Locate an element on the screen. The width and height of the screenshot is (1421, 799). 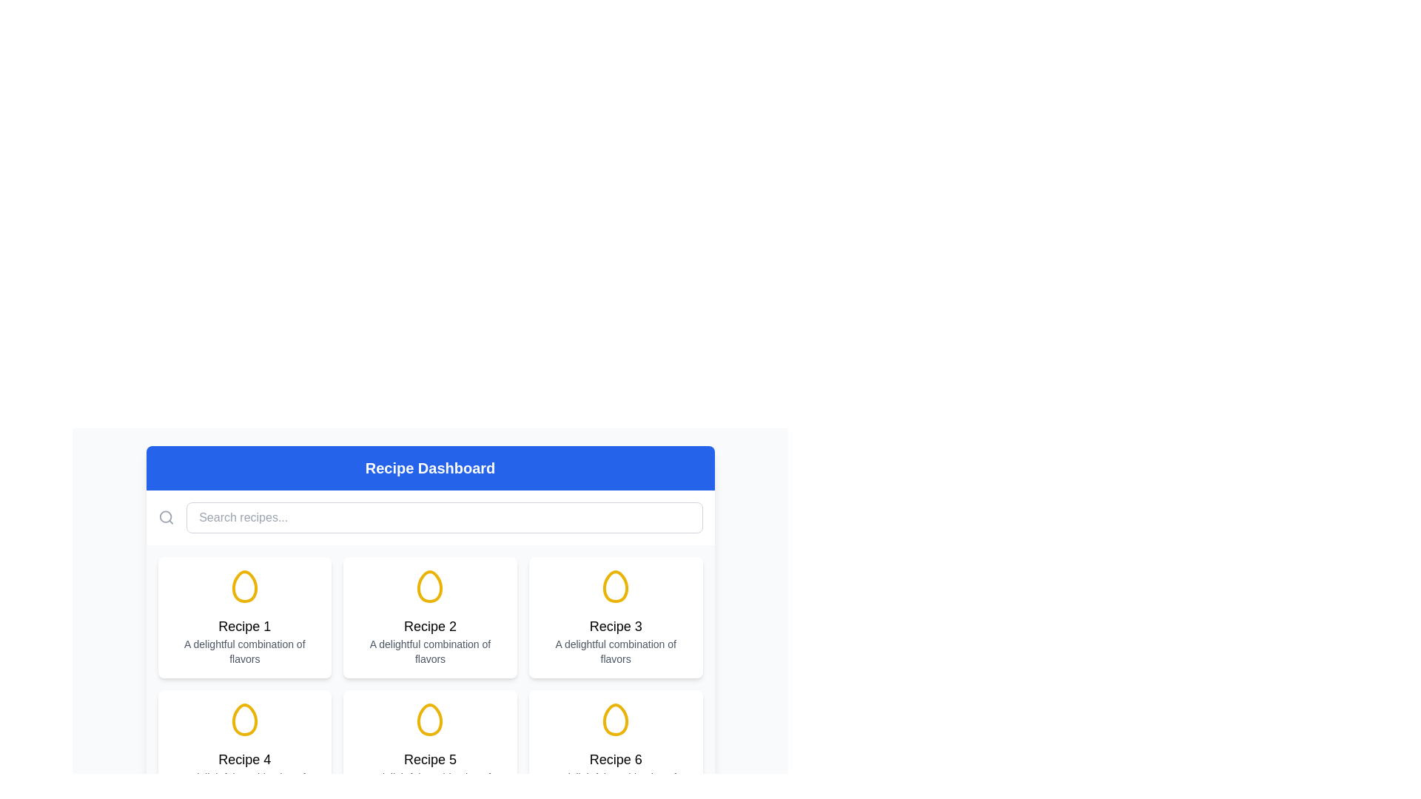
the egg icon located at the top of the card labeled 'Recipe 1', which features the text 'A delightful combination of flavors' underneath is located at coordinates (244, 586).